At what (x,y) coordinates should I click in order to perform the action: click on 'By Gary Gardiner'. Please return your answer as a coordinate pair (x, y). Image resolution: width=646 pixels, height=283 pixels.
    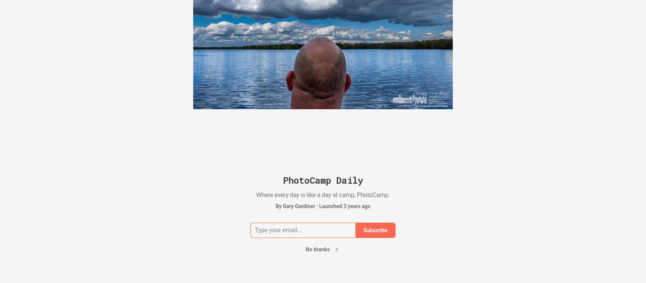
    Looking at the image, I should click on (295, 205).